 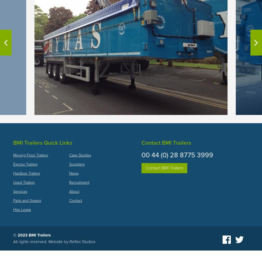 What do you see at coordinates (20, 191) in the screenshot?
I see `'Services'` at bounding box center [20, 191].